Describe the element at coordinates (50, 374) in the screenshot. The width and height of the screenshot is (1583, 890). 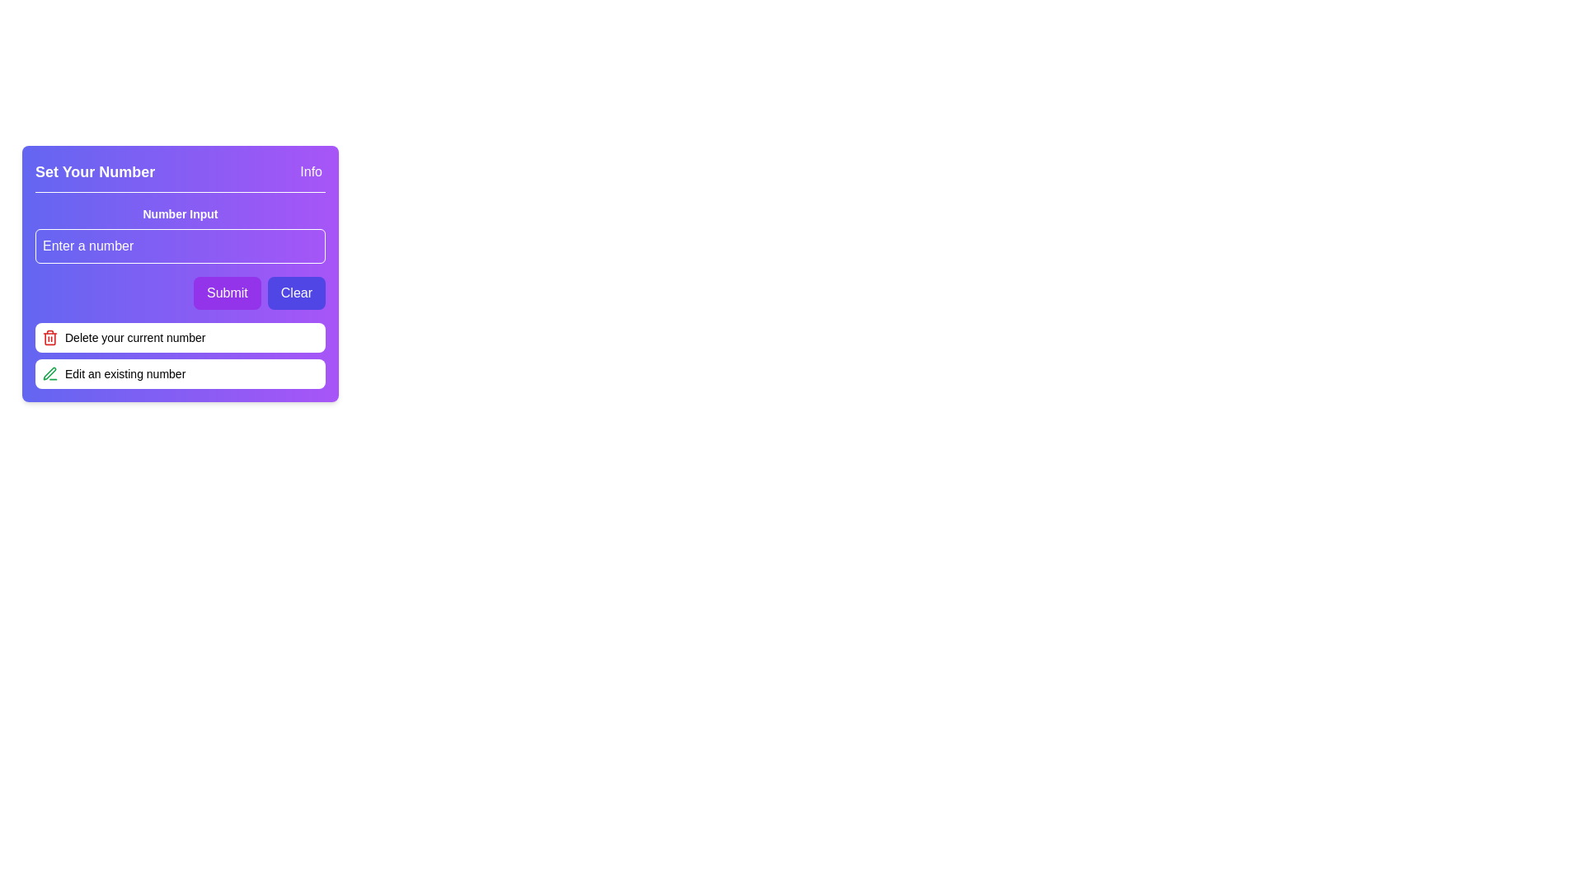
I see `the 'edit' icon (SVG) located to the left of the 'Edit an existing number' text in the second row of the 'Number Input' section to observe the associated tooltip or UI response` at that location.